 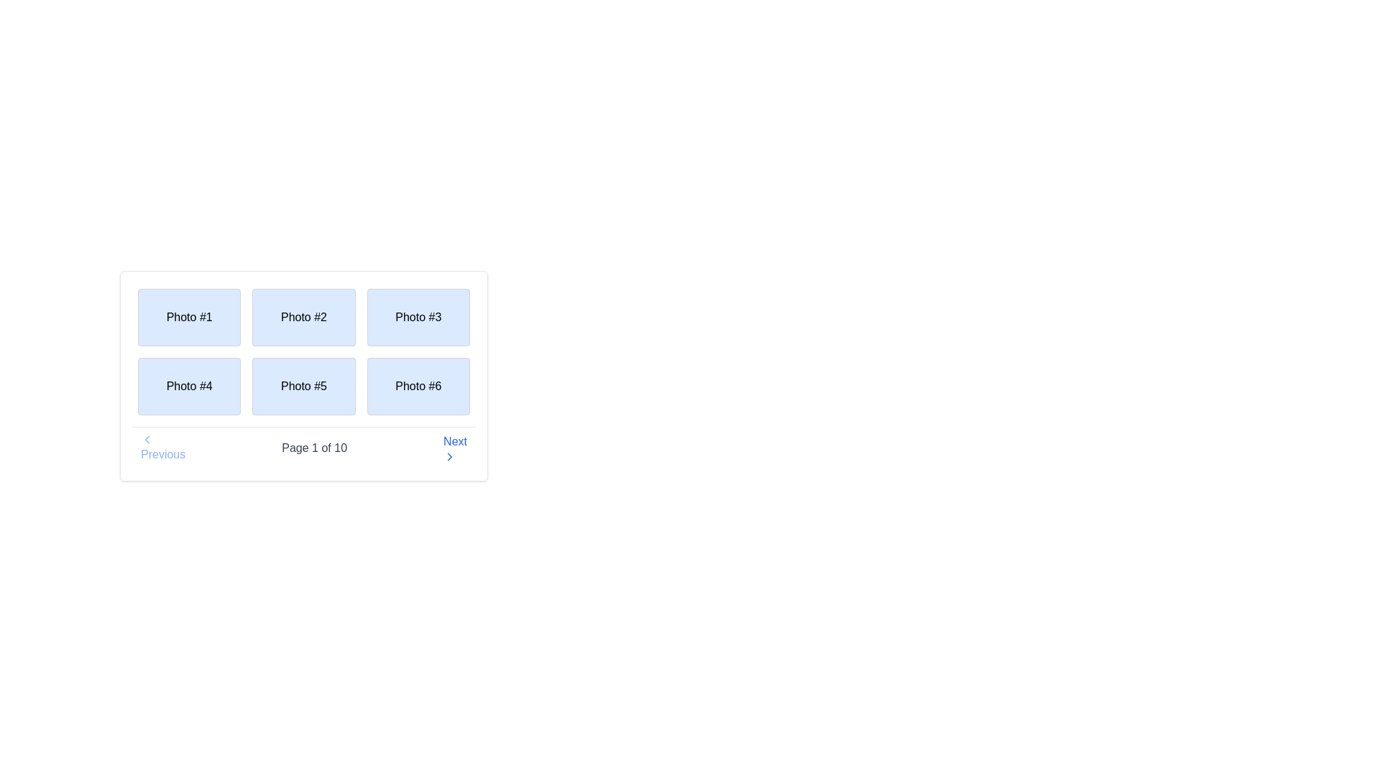 What do you see at coordinates (454, 448) in the screenshot?
I see `the navigation button located at the bottom-right corner of the interface` at bounding box center [454, 448].